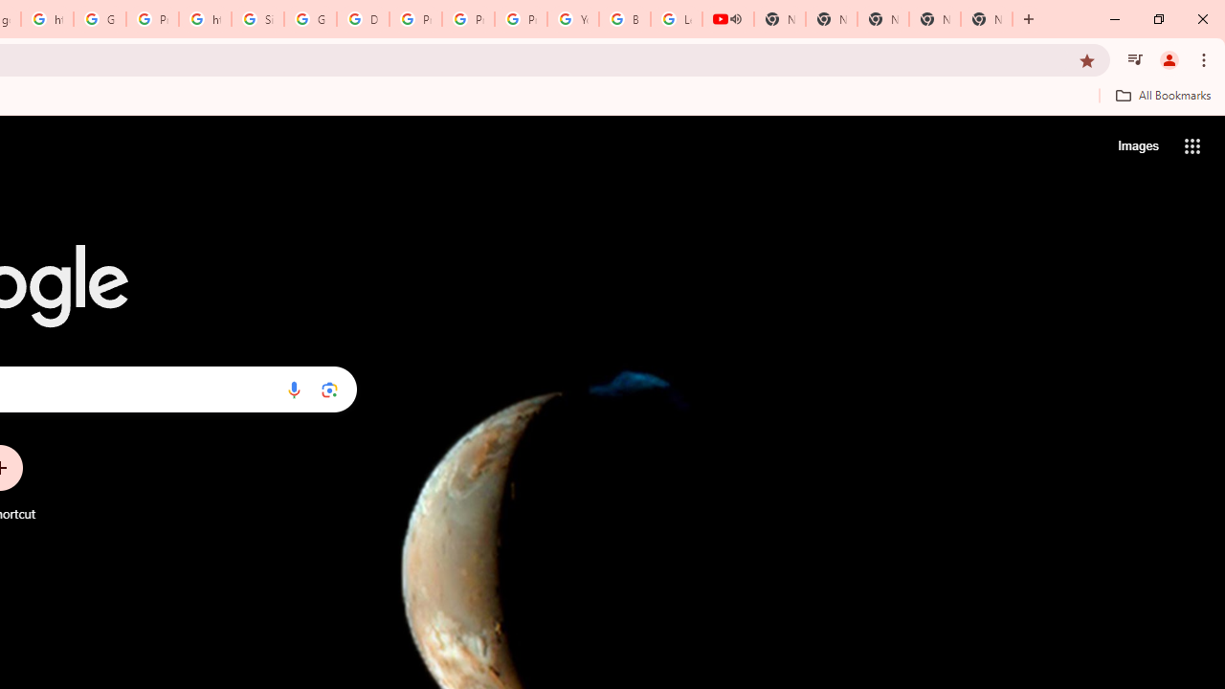 The height and width of the screenshot is (689, 1225). What do you see at coordinates (468, 19) in the screenshot?
I see `'Privacy Help Center - Policies Help'` at bounding box center [468, 19].